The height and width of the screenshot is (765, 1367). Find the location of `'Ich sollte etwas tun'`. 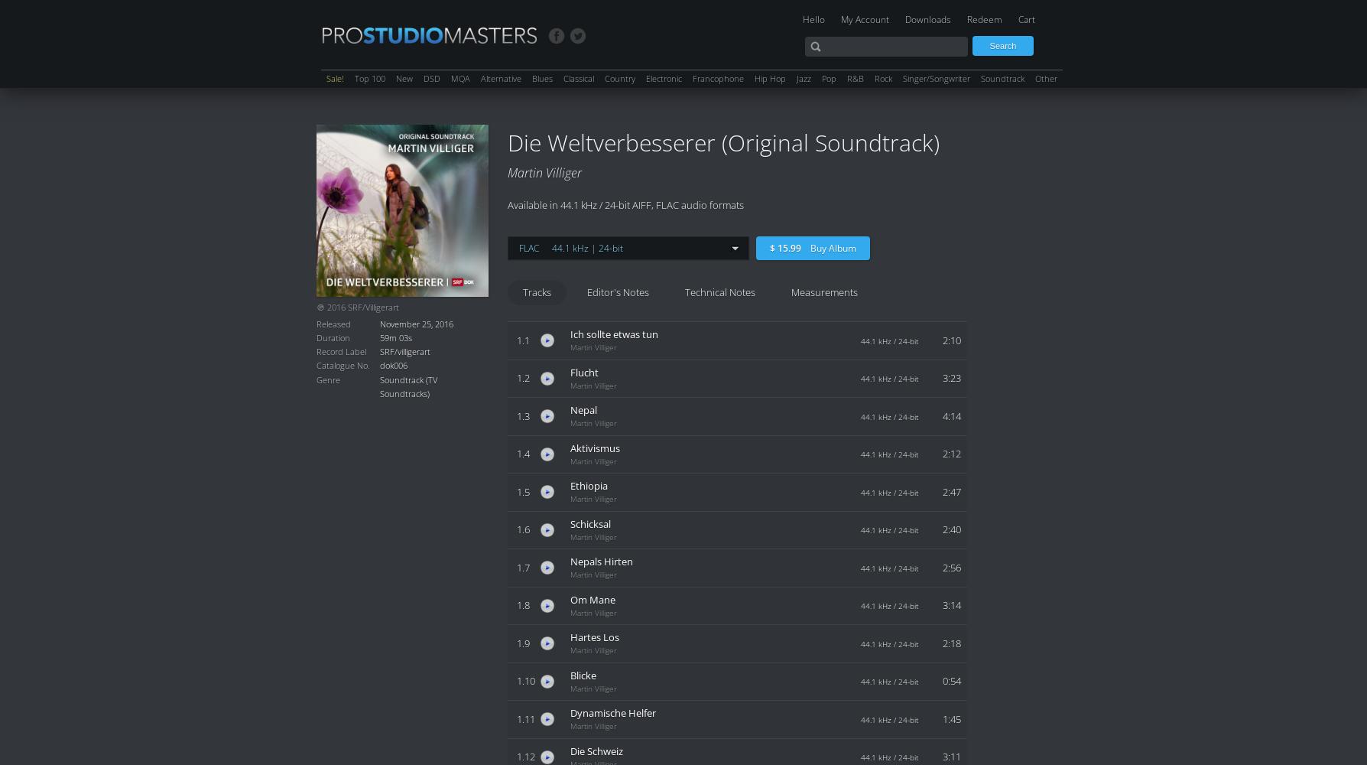

'Ich sollte etwas tun' is located at coordinates (569, 334).